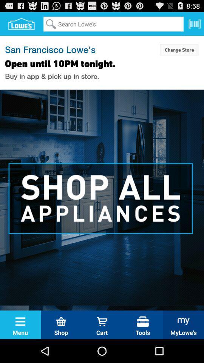 The image size is (204, 363). What do you see at coordinates (102, 321) in the screenshot?
I see `the cart icon` at bounding box center [102, 321].